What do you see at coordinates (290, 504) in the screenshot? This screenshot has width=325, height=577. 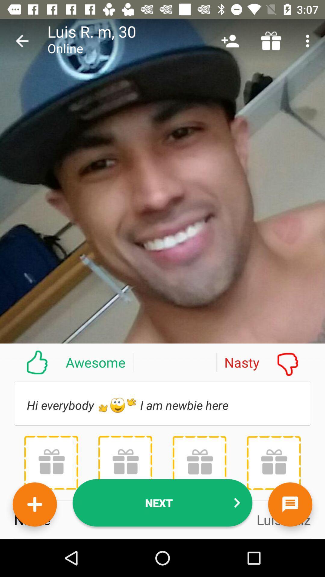 I see `message user` at bounding box center [290, 504].